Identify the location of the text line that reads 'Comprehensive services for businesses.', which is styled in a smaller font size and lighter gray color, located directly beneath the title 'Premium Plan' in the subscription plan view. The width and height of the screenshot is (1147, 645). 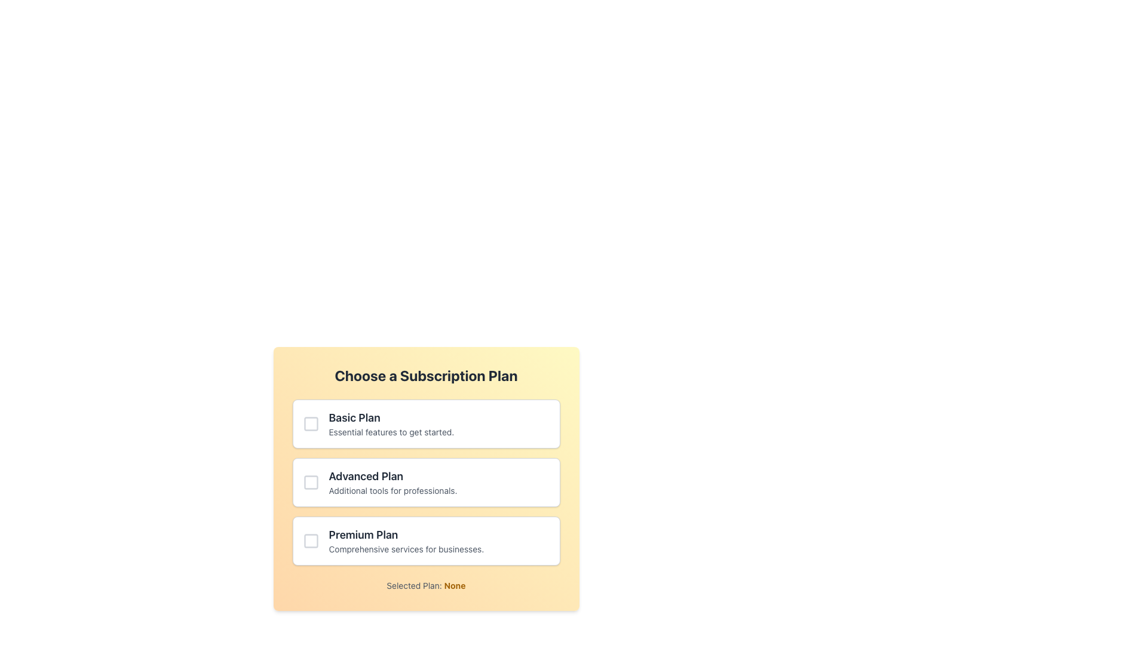
(438, 549).